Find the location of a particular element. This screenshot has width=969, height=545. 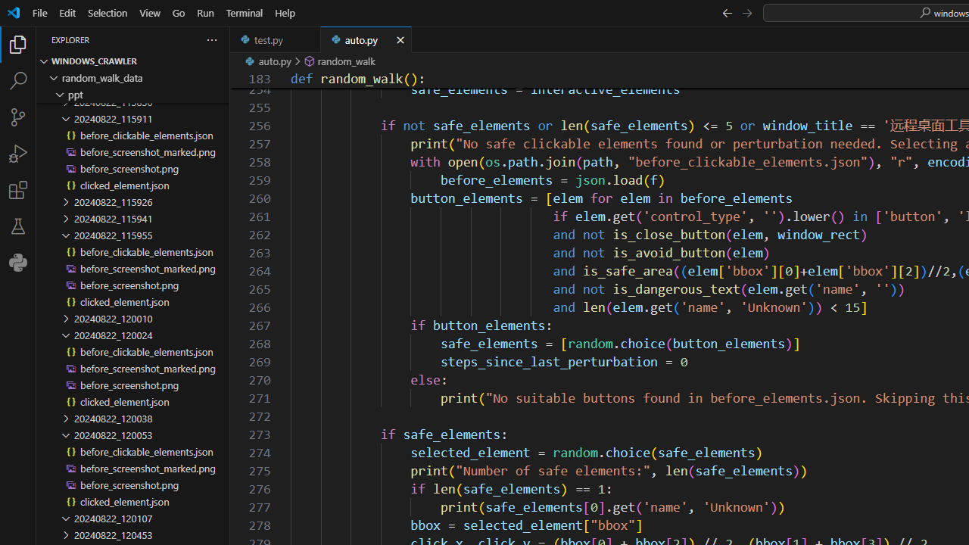

'Go' is located at coordinates (179, 12).